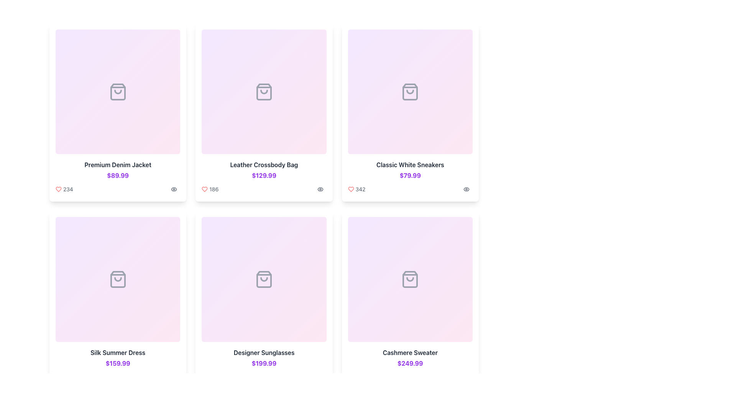 This screenshot has height=414, width=736. What do you see at coordinates (410, 363) in the screenshot?
I see `the price label displaying '$249.99' in bold purple font, located beneath the 'Cashmere Sweater' text label` at bounding box center [410, 363].